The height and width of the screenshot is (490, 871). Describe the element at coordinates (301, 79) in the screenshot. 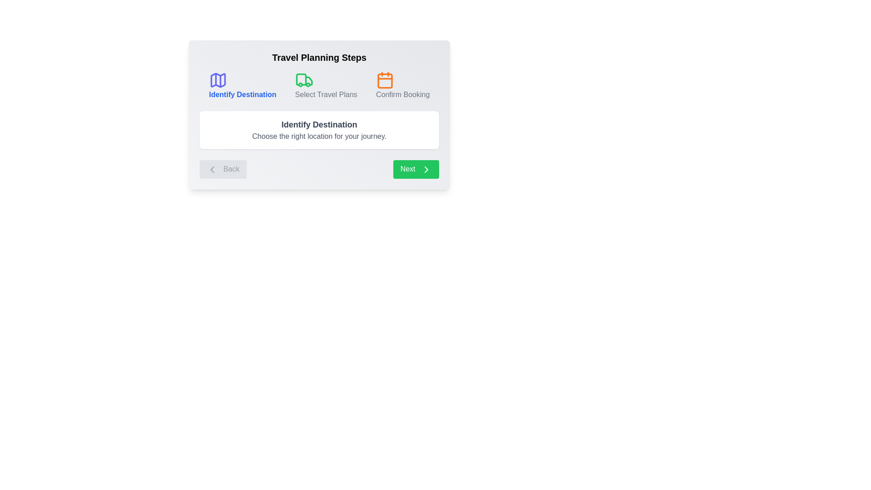

I see `the vertical gray line that forms the lower part of the truck cabin structure in the truck icon` at that location.